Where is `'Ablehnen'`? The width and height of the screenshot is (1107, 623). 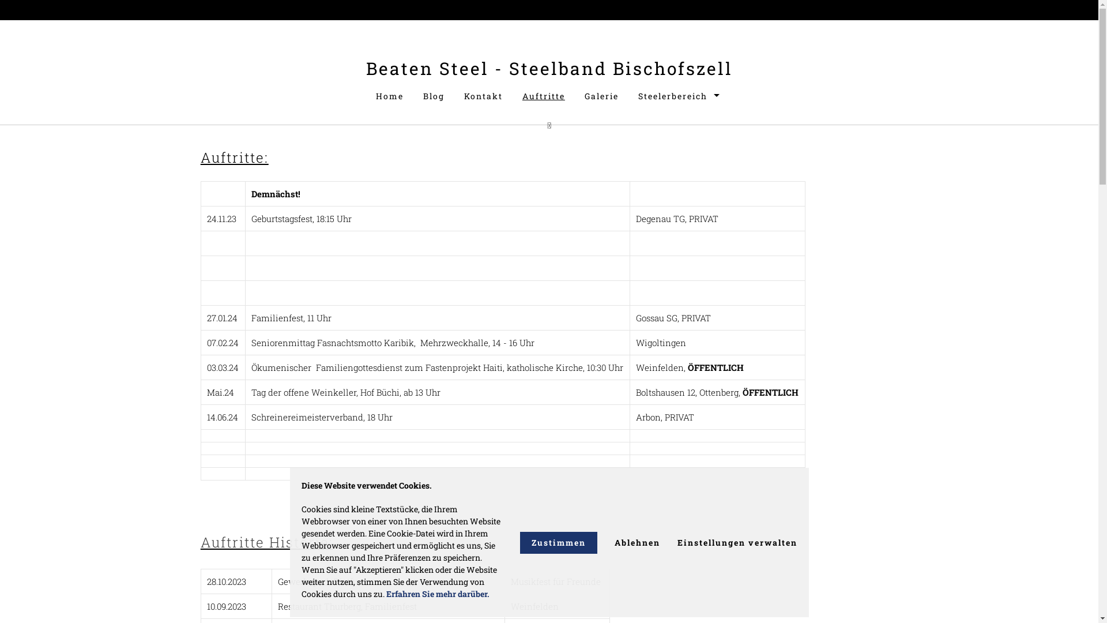 'Ablehnen' is located at coordinates (637, 543).